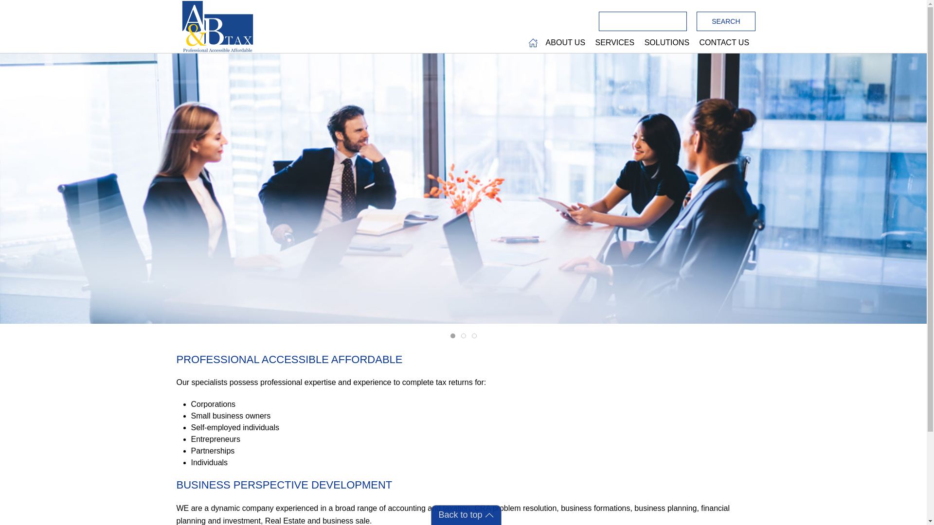 This screenshot has width=934, height=525. I want to click on 'Search', so click(726, 21).